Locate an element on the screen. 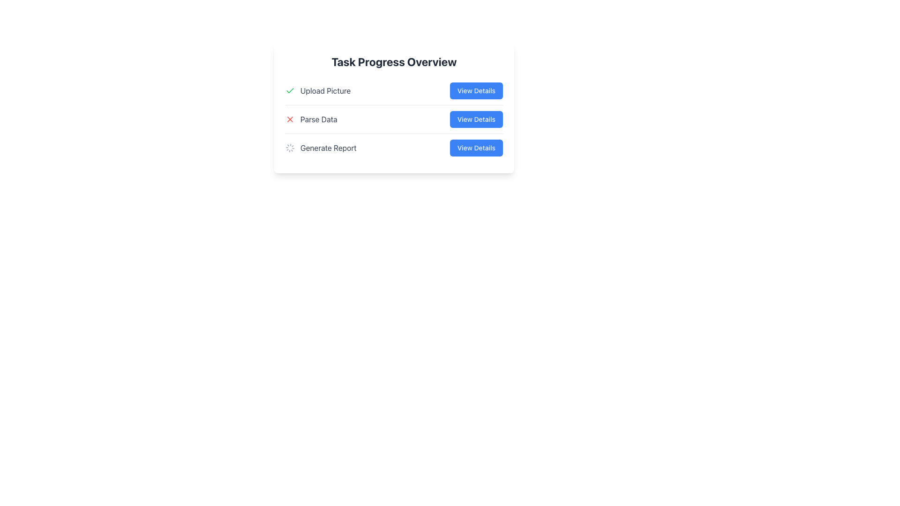 This screenshot has height=506, width=900. the button located at the right end of the third row, adjacent to the 'Generate Report' text is located at coordinates (476, 148).